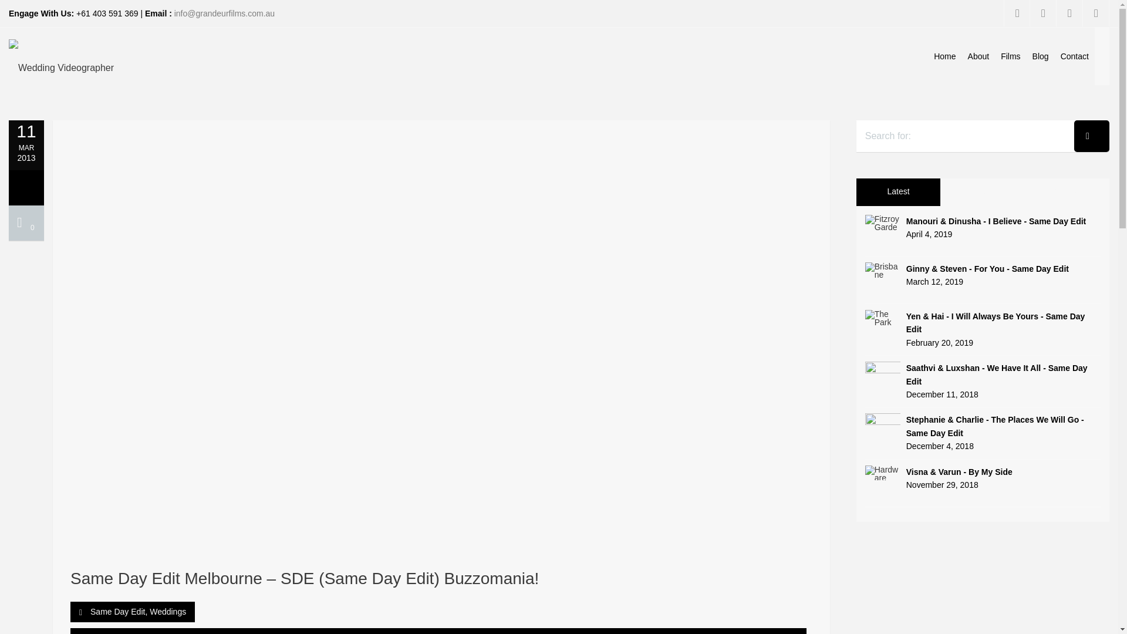  Describe the element at coordinates (1025, 56) in the screenshot. I see `'Blog'` at that location.